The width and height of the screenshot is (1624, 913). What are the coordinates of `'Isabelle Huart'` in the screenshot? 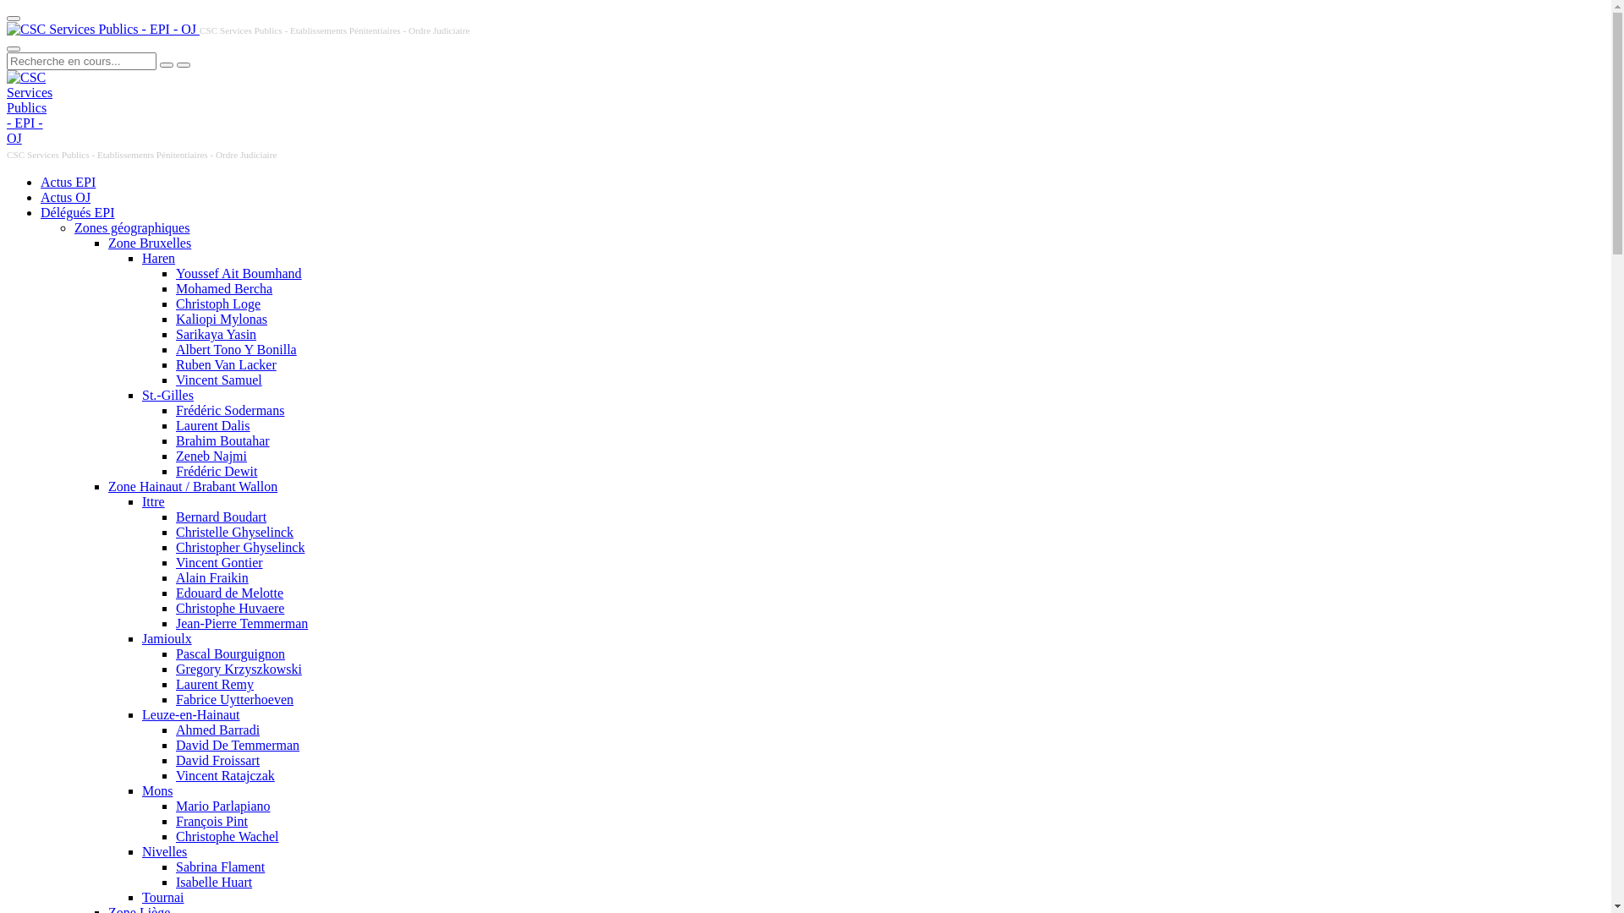 It's located at (175, 881).